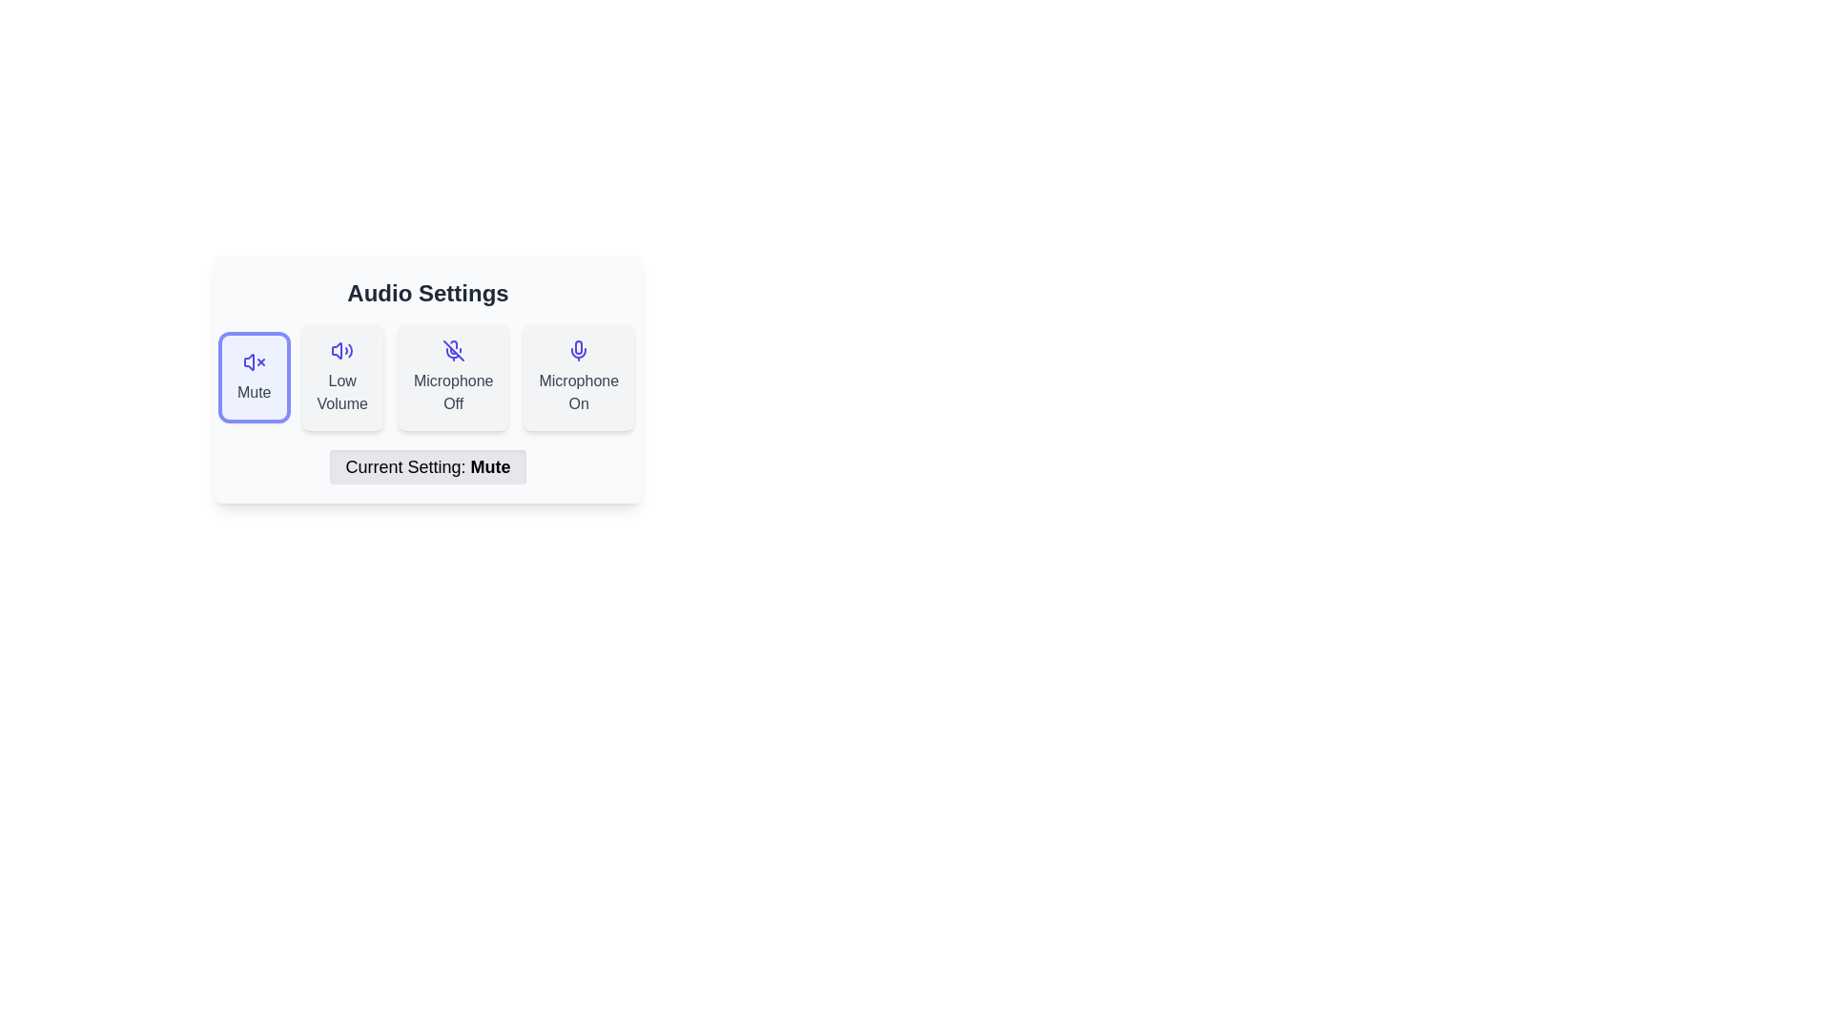  I want to click on the text display element that shows 'Current Setting: Mute', which is located centrally within the 'Audio Settings' card, so click(427, 466).